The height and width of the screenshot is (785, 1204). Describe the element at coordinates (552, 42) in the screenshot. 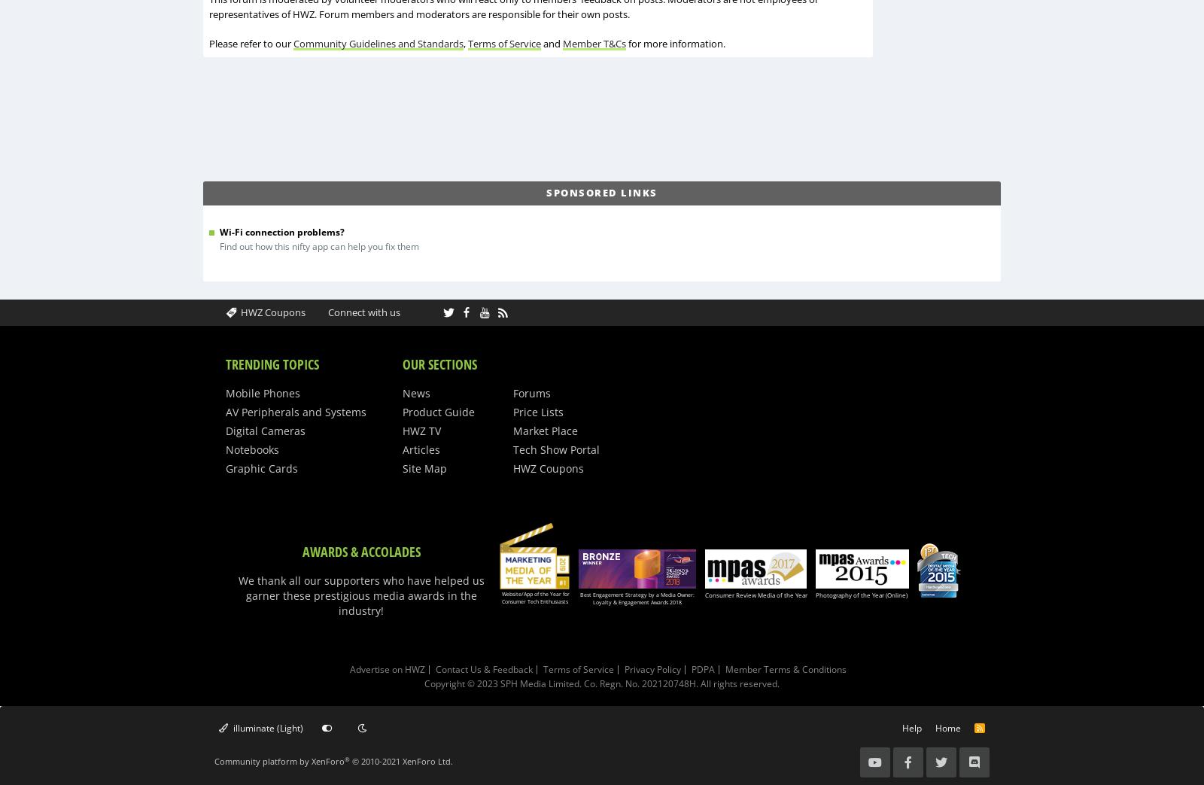

I see `'and'` at that location.